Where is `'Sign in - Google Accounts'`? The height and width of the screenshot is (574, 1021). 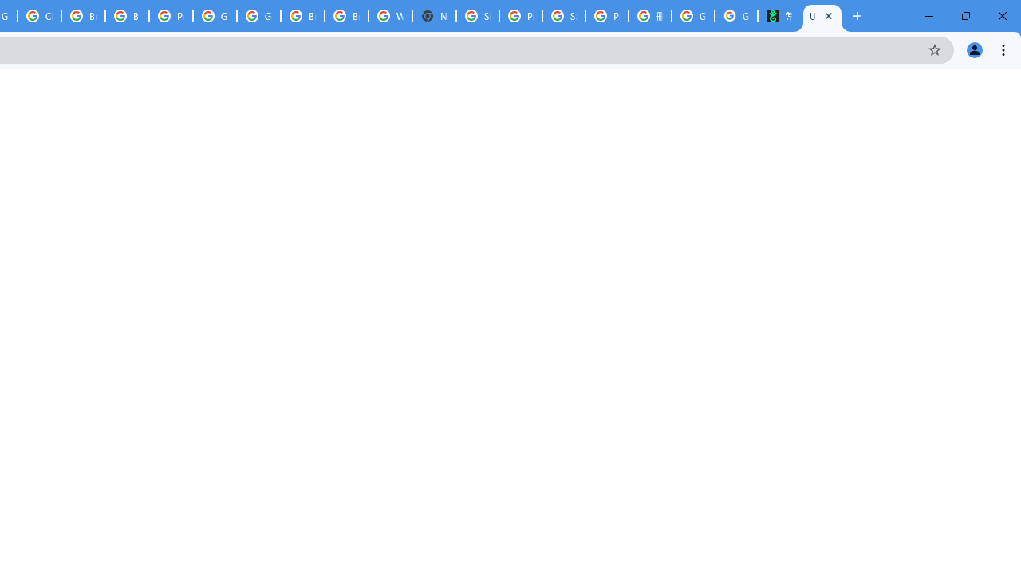
'Sign in - Google Accounts' is located at coordinates (477, 16).